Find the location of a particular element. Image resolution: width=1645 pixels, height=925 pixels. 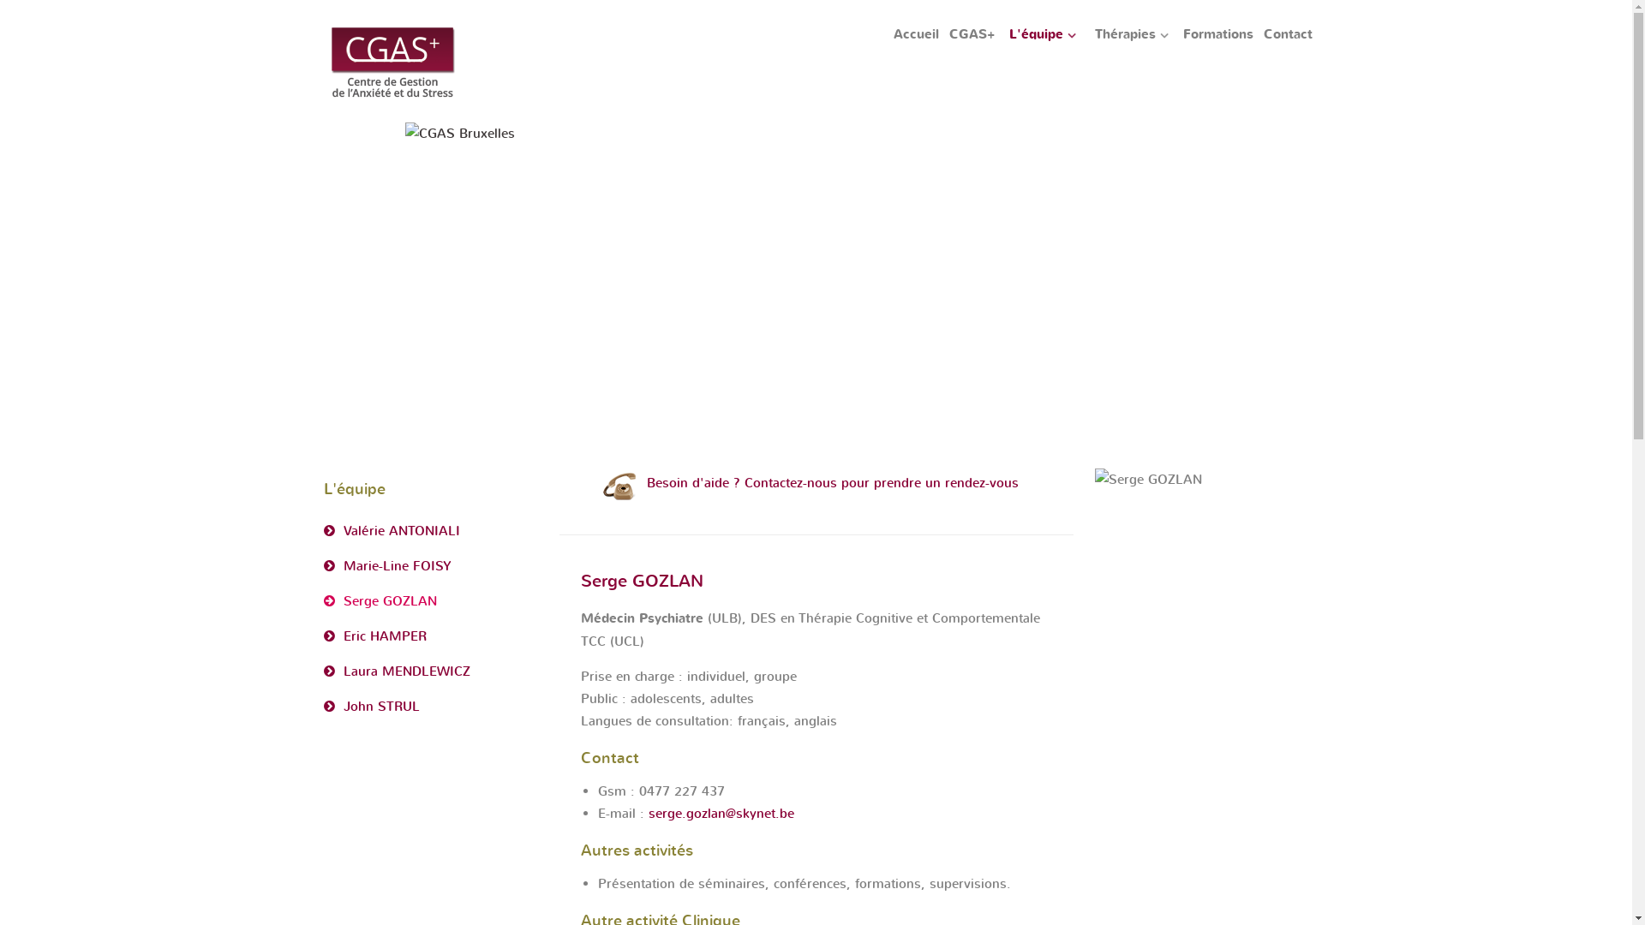

'Accueil' is located at coordinates (915, 35).